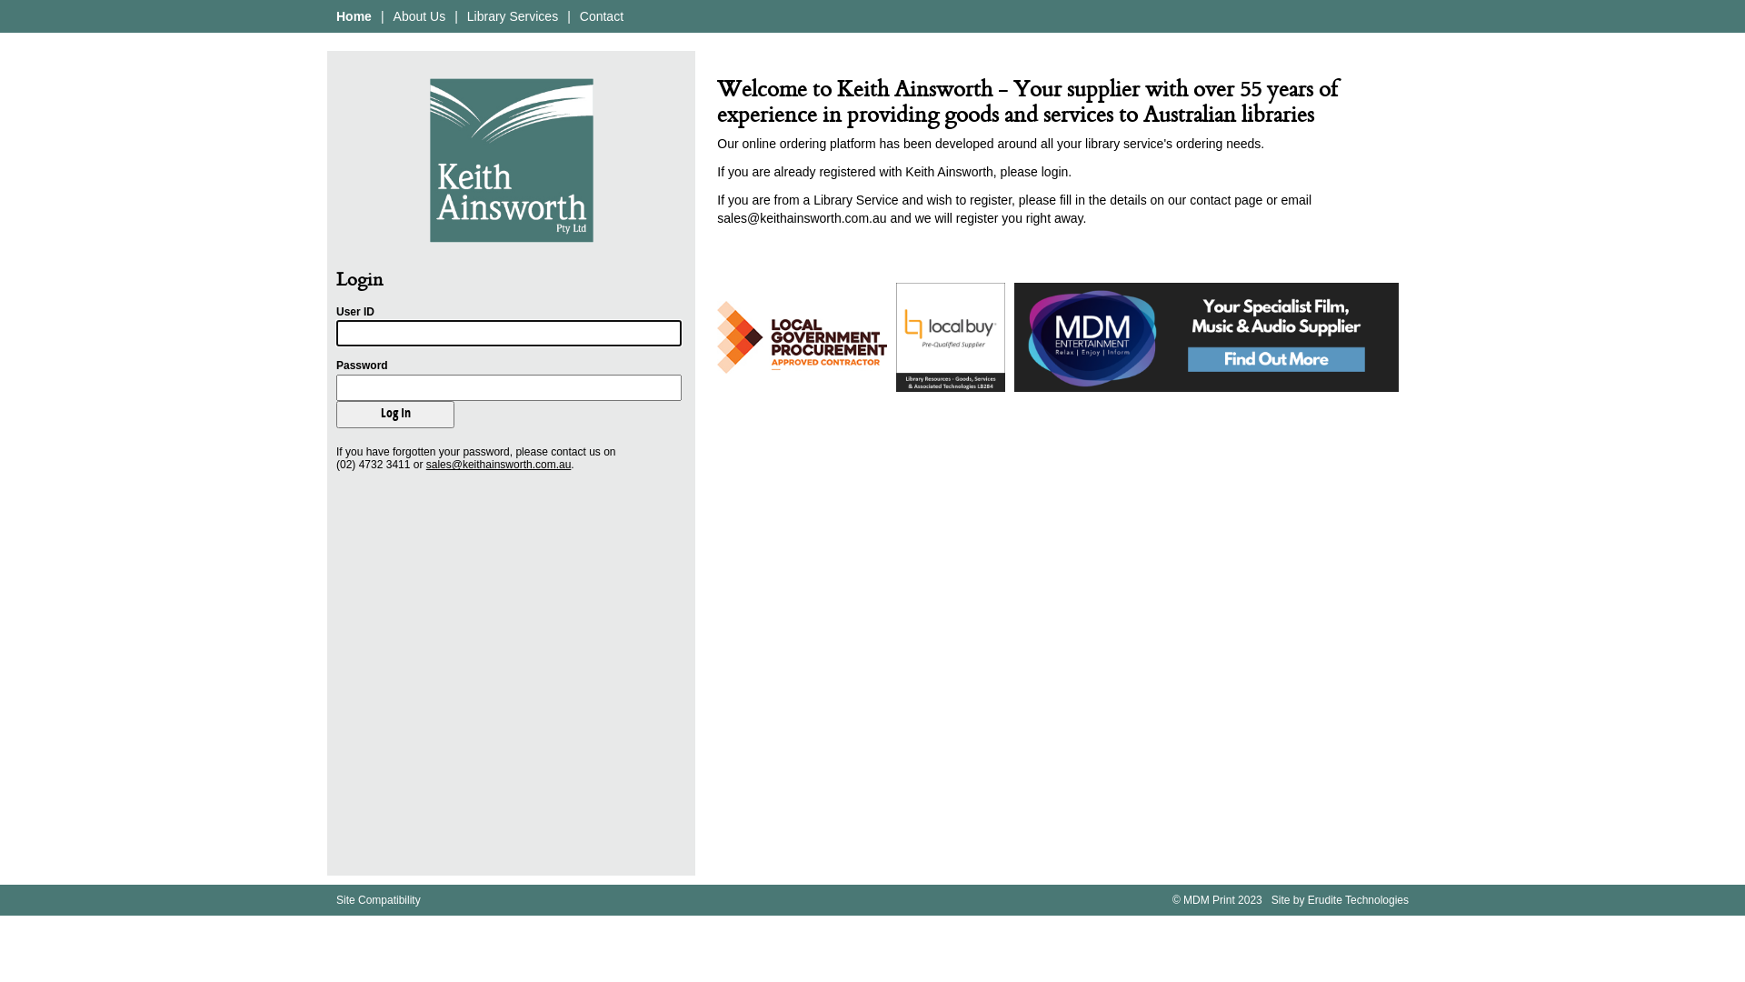  I want to click on 'Library Services', so click(511, 16).